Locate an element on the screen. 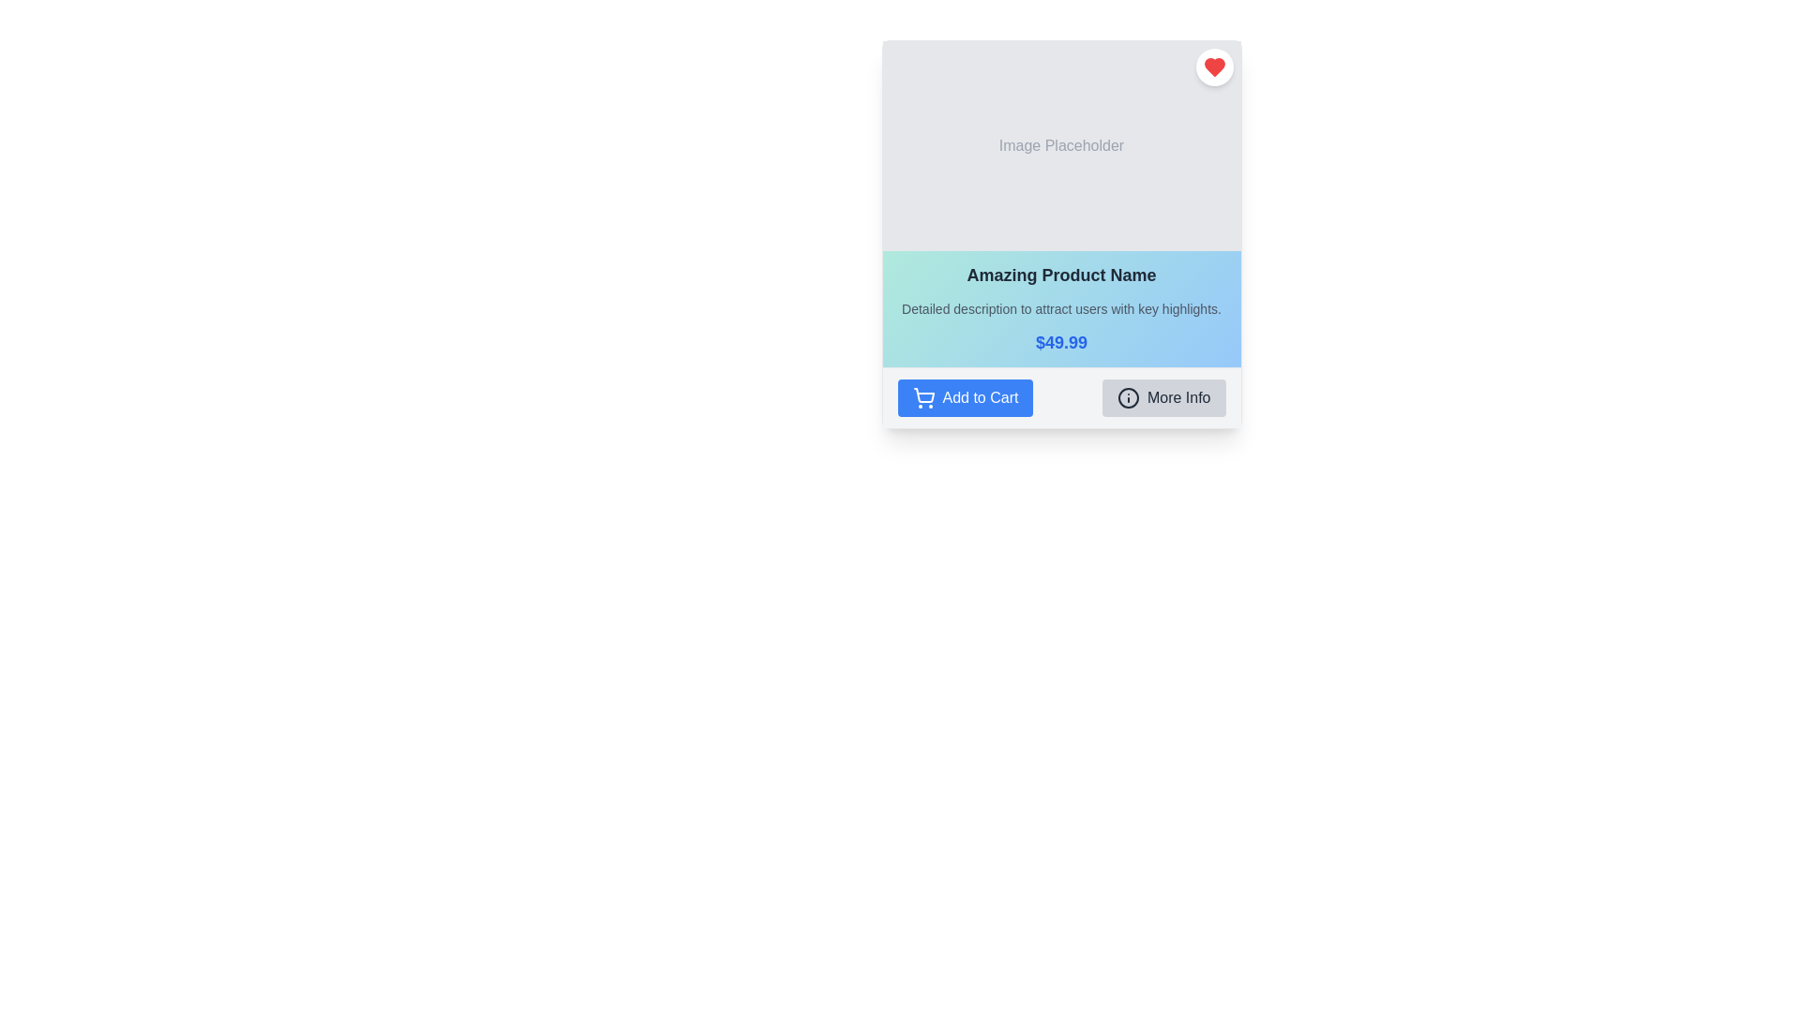  the circular informational icon with a blue outline, which is located to the left of the 'More Info' button label is located at coordinates (1127, 396).